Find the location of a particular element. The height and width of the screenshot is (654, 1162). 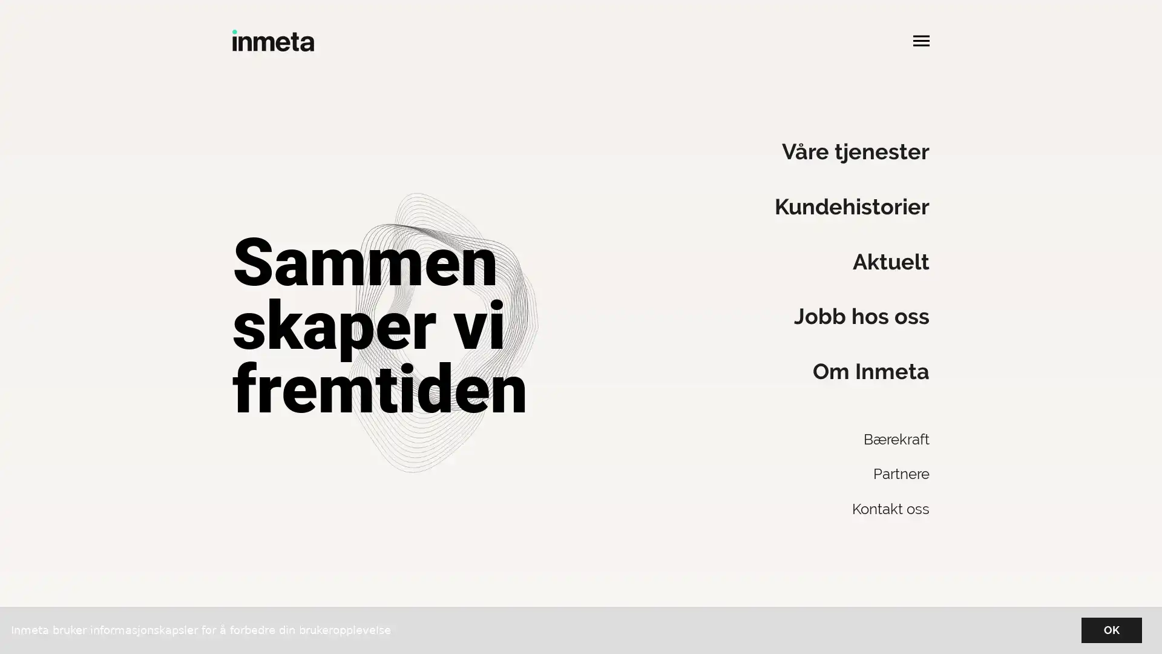

Apne hovedmeny is located at coordinates (921, 44).